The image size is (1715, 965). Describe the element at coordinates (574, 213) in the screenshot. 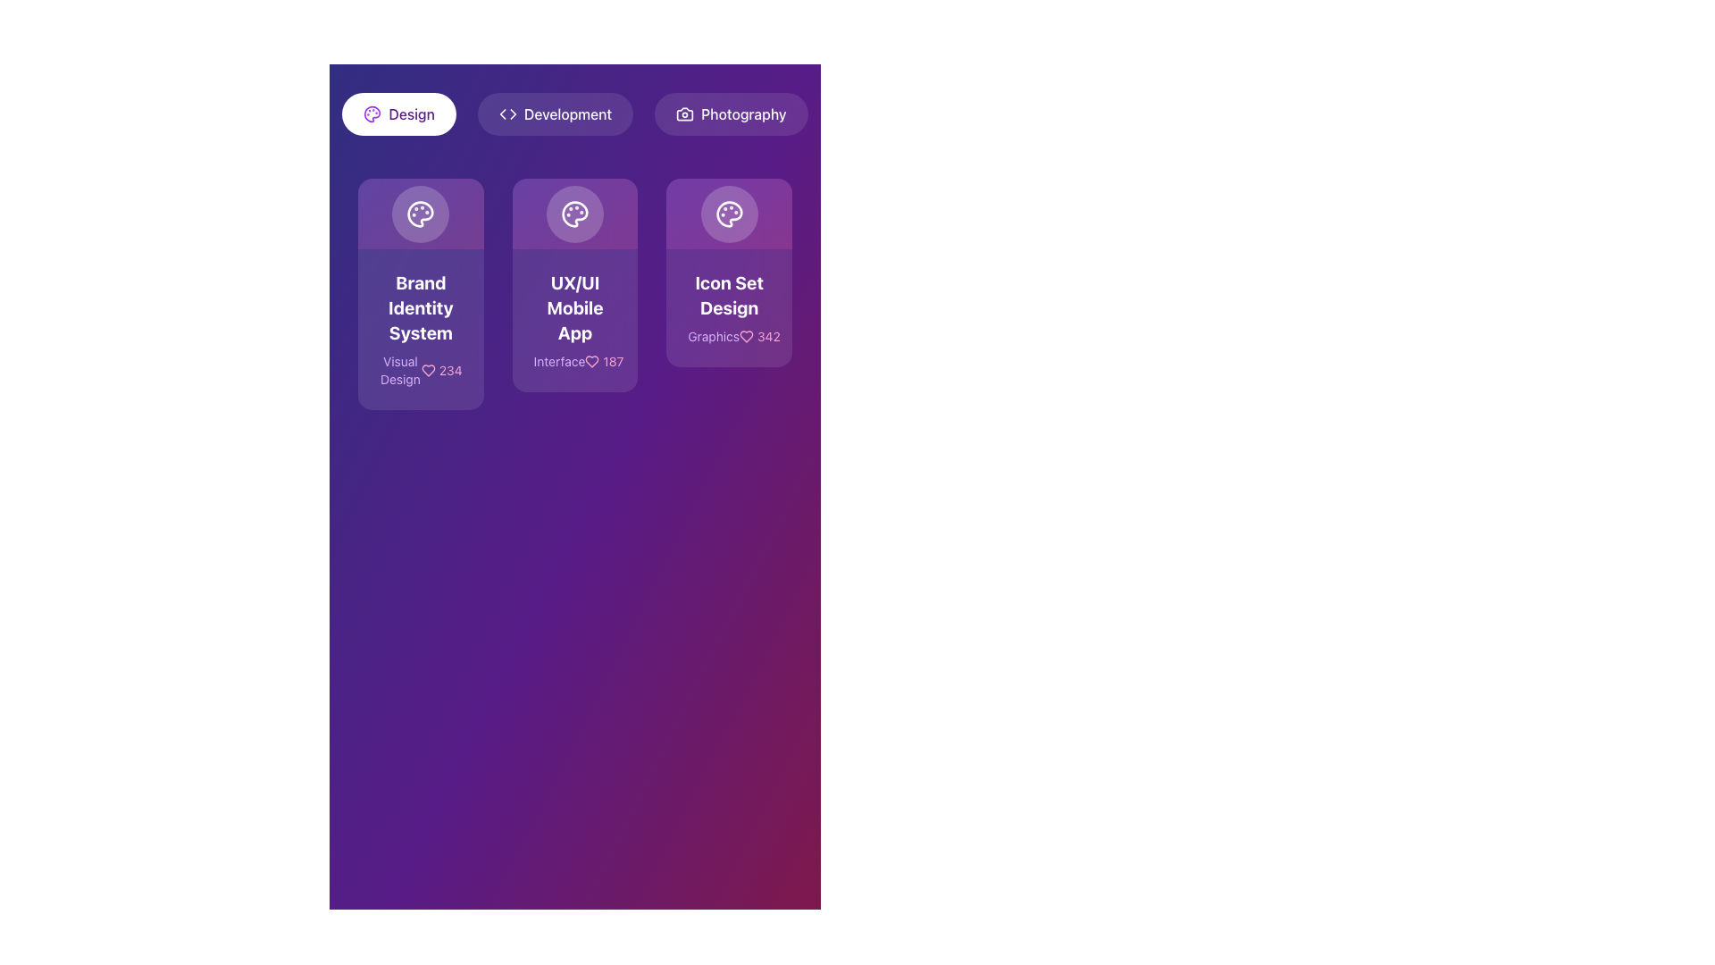

I see `the circular icon button featuring a palette icon with paint patches, centrally located in the 'UX/UI Mobile App' card` at that location.